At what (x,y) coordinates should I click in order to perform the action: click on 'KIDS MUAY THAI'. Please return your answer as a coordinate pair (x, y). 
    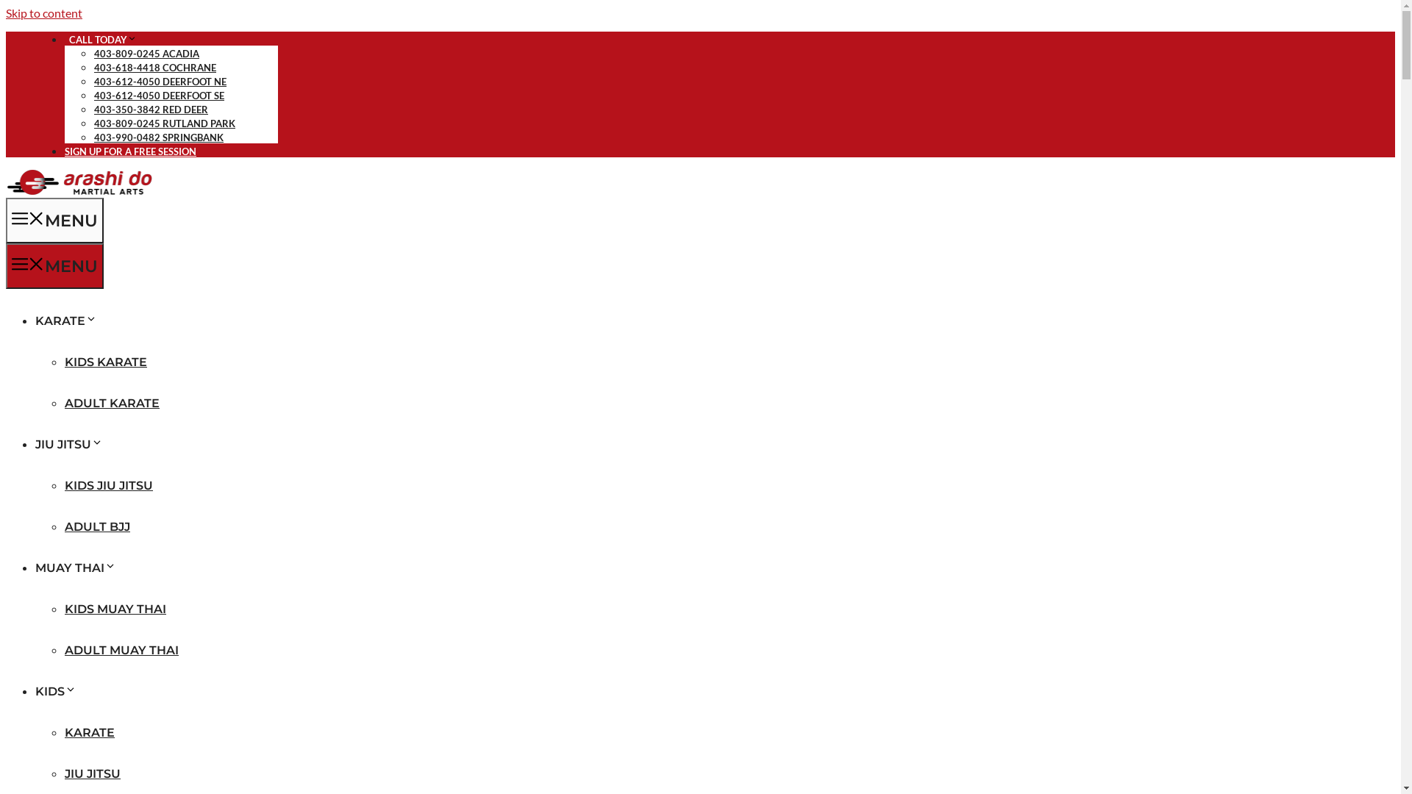
    Looking at the image, I should click on (63, 609).